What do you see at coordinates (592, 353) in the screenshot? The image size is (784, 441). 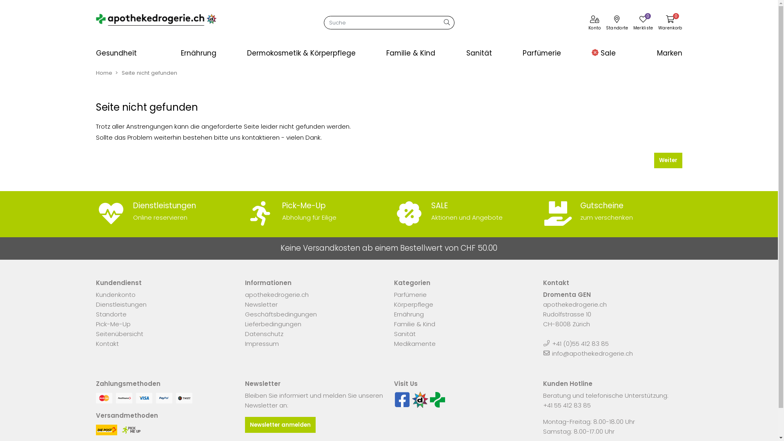 I see `'info@apothekedrogerie.ch'` at bounding box center [592, 353].